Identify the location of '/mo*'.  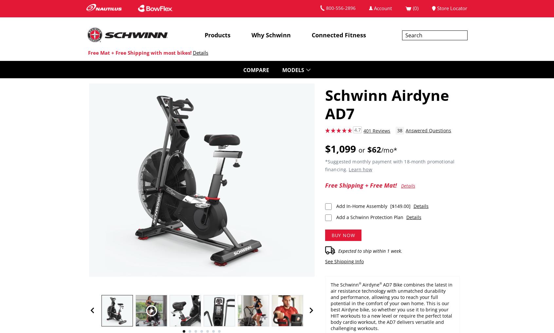
(389, 150).